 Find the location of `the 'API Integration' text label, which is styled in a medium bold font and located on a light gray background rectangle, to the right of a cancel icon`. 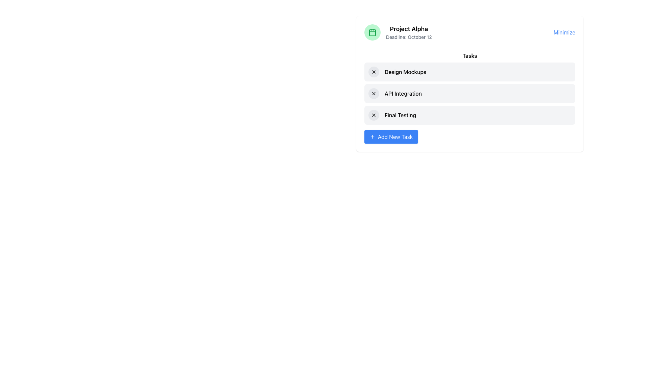

the 'API Integration' text label, which is styled in a medium bold font and located on a light gray background rectangle, to the right of a cancel icon is located at coordinates (403, 94).